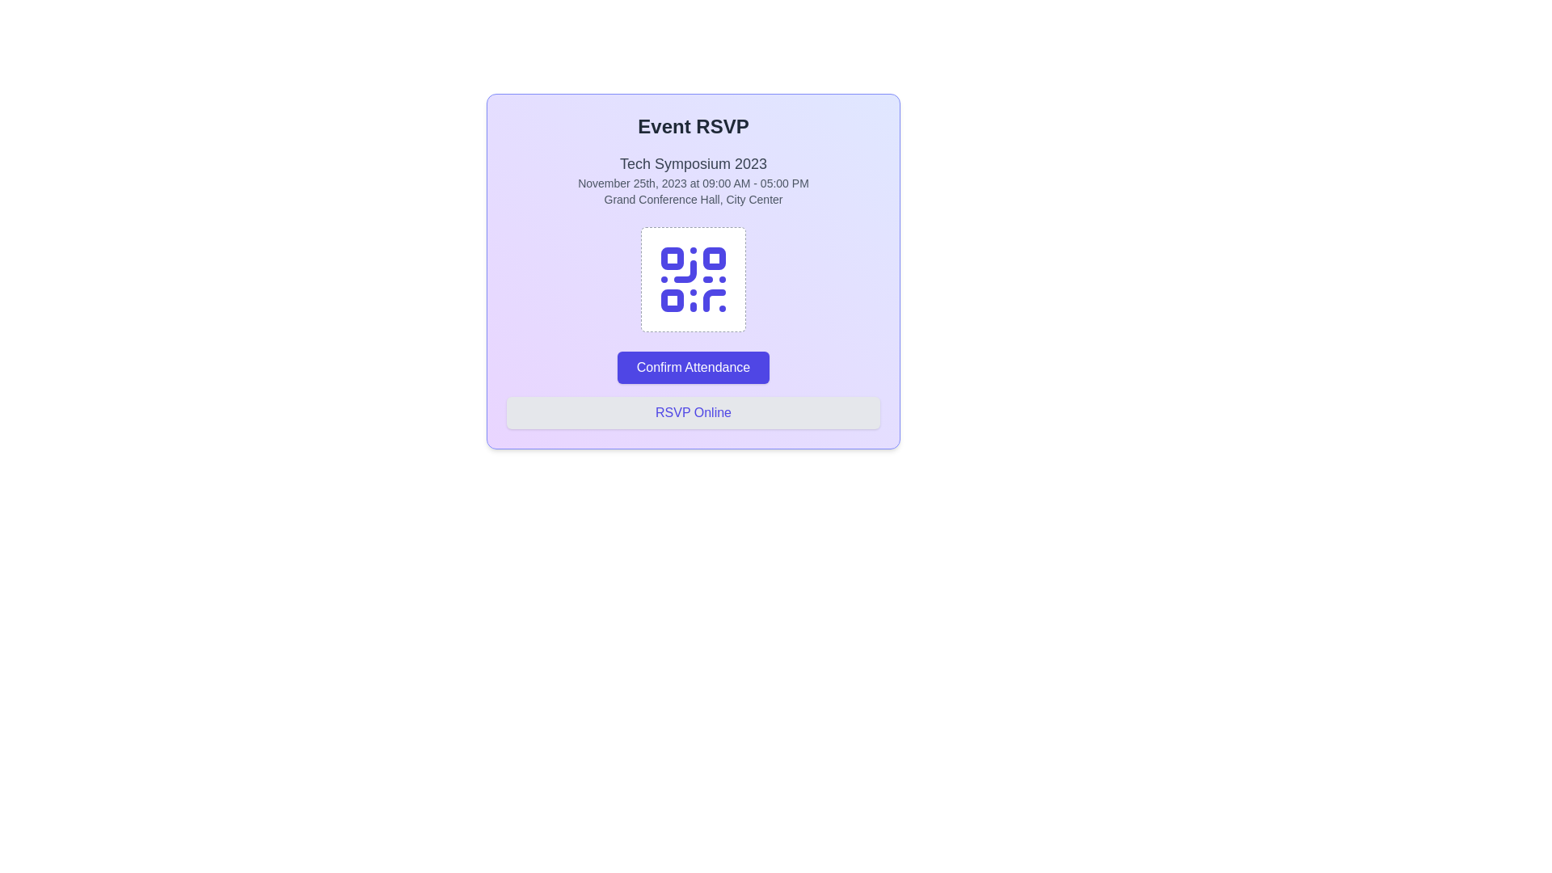 Image resolution: width=1552 pixels, height=873 pixels. I want to click on the QR code icon located in the mid-section of the RSVP card, positioned between the event details text and the 'Confirm Attendance' button, so click(694, 279).